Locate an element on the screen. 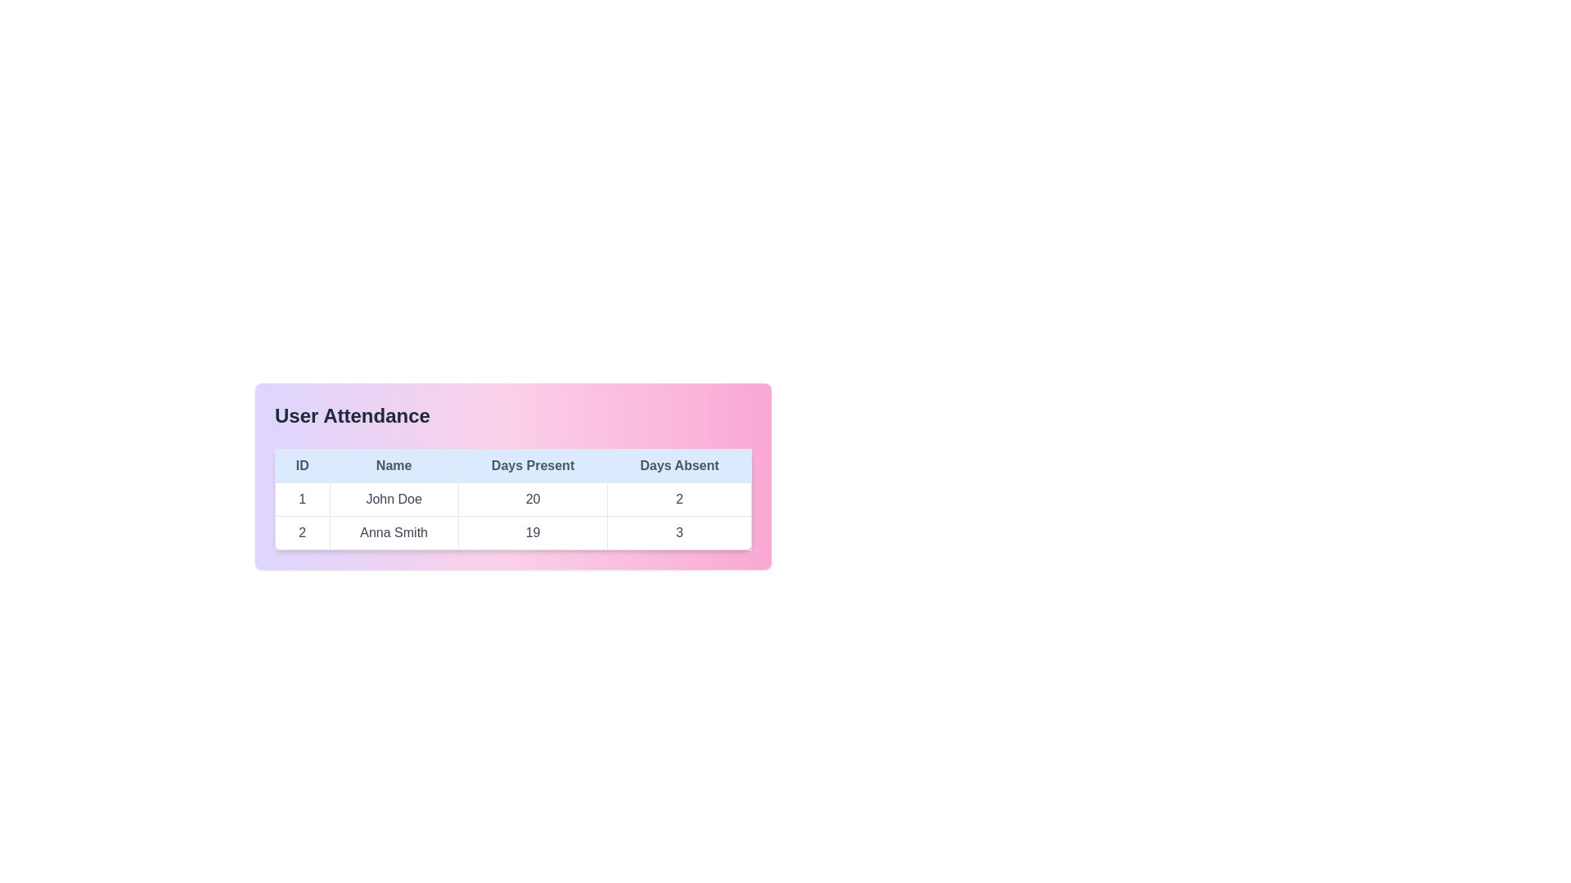 This screenshot has height=883, width=1571. the Table Header Row containing the text 'ID Name Days Present Days Absent' with a light blue background and gray text, located at the top of the 'User Attendance' table is located at coordinates (512, 466).